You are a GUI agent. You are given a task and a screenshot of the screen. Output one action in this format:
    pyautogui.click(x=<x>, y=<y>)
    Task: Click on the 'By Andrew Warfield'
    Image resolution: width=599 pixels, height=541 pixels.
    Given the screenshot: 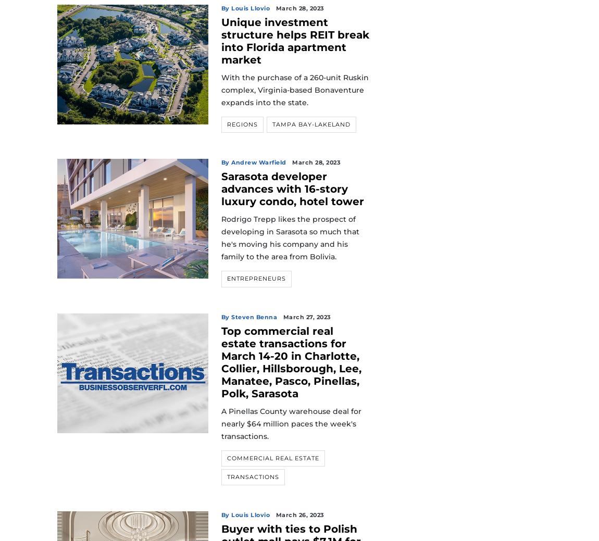 What is the action you would take?
    pyautogui.click(x=253, y=162)
    